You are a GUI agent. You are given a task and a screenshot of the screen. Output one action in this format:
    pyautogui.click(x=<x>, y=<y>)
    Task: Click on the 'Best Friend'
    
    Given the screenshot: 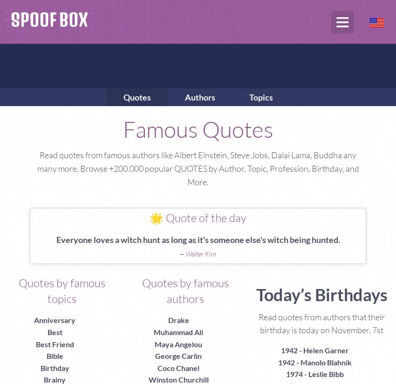 What is the action you would take?
    pyautogui.click(x=35, y=344)
    